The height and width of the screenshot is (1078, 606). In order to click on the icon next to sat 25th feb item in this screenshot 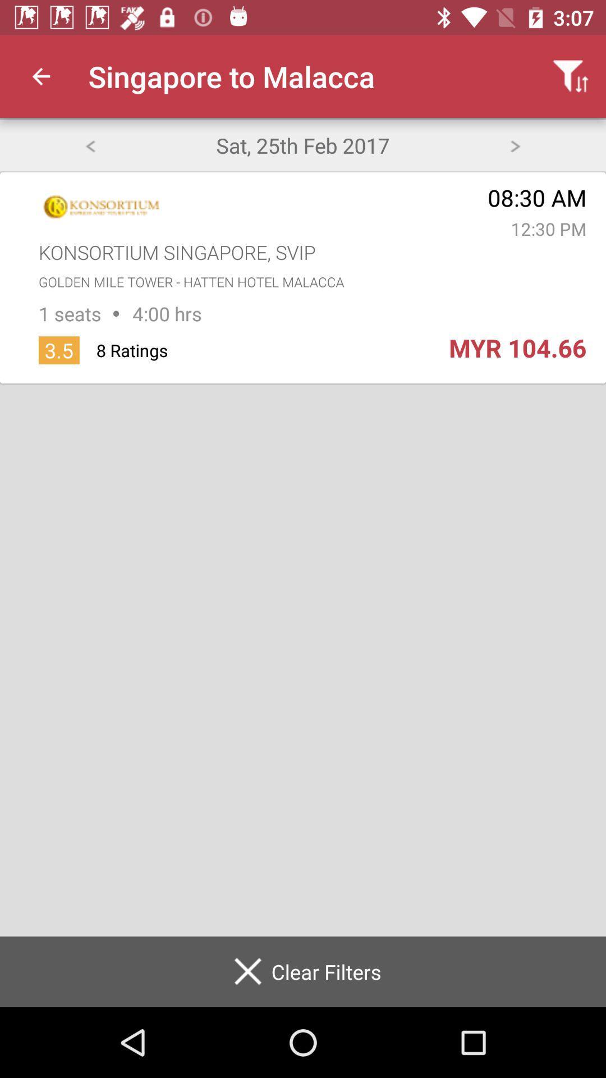, I will do `click(89, 144)`.